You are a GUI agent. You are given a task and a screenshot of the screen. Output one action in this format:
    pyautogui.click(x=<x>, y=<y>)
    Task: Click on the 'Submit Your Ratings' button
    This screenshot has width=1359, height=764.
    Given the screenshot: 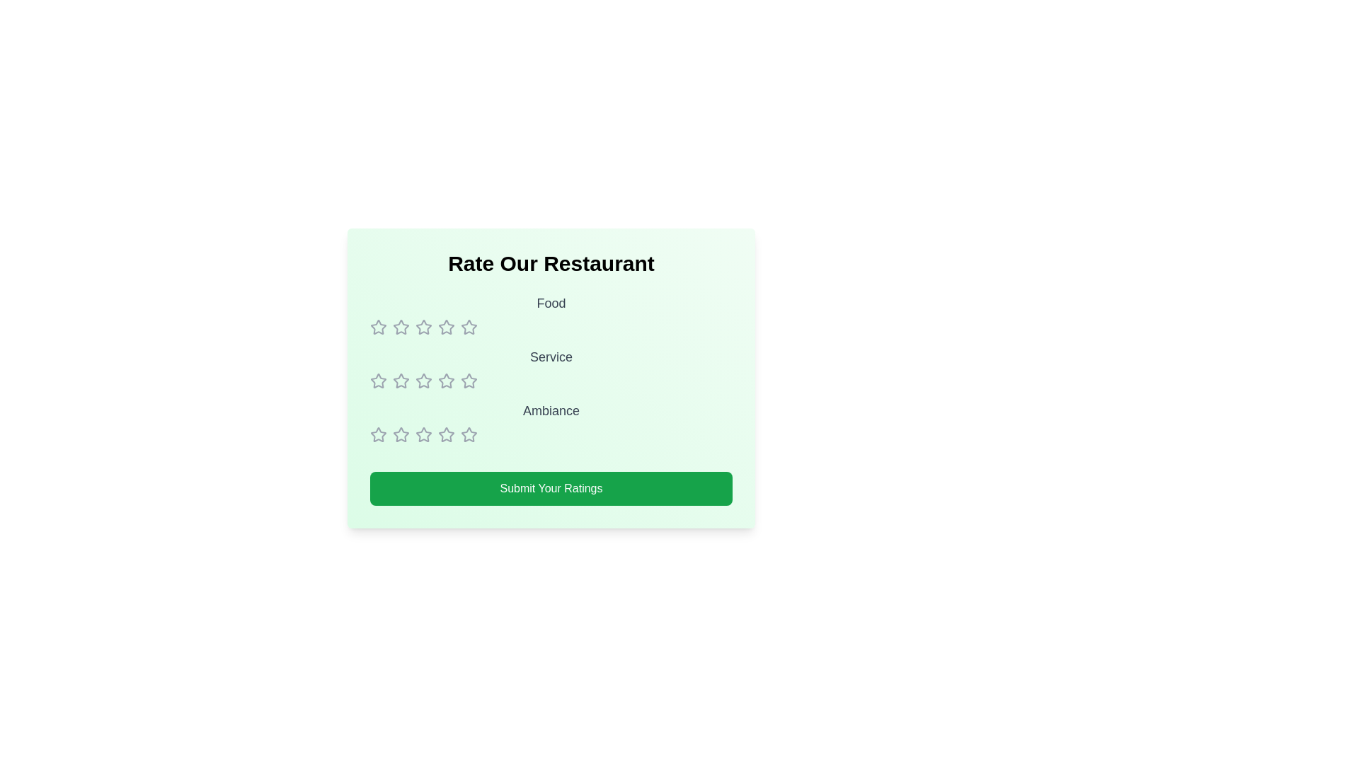 What is the action you would take?
    pyautogui.click(x=550, y=487)
    